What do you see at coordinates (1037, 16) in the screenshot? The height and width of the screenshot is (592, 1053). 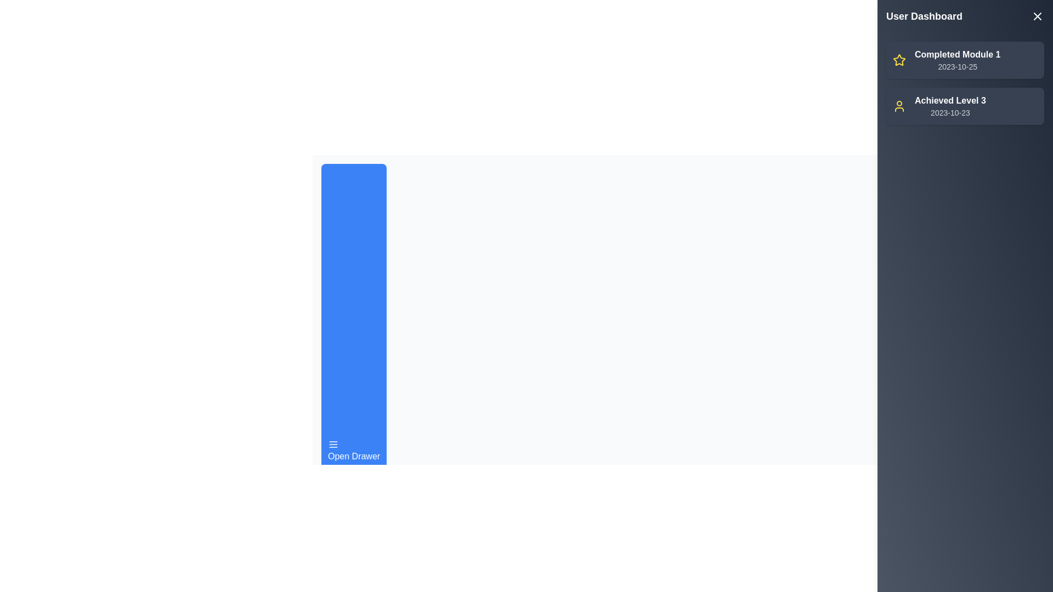 I see `the close button of the drawer to hide it` at bounding box center [1037, 16].